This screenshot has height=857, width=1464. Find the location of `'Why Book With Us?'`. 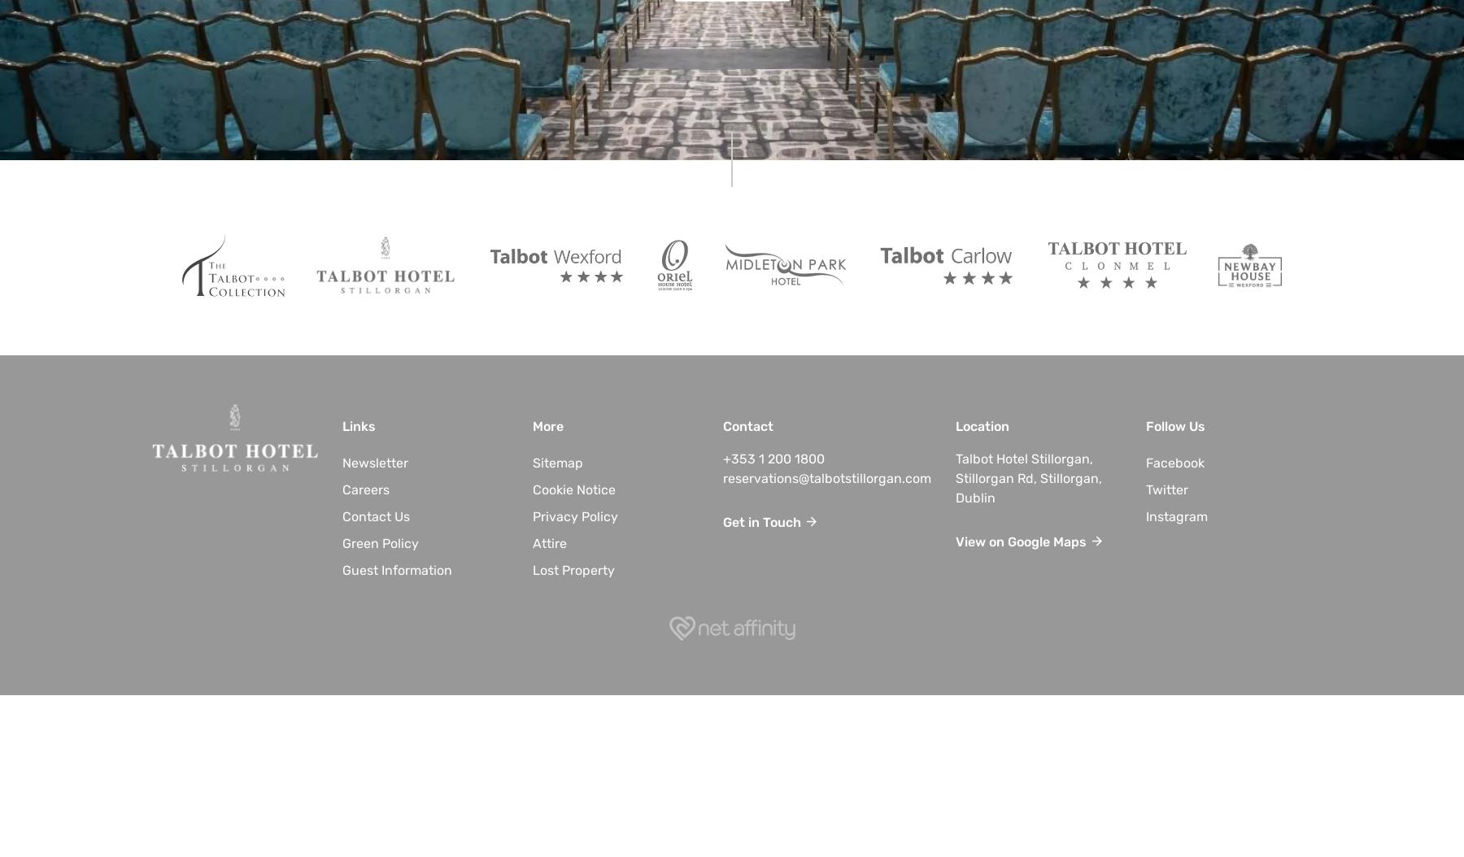

'Why Book With Us?' is located at coordinates (718, 841).